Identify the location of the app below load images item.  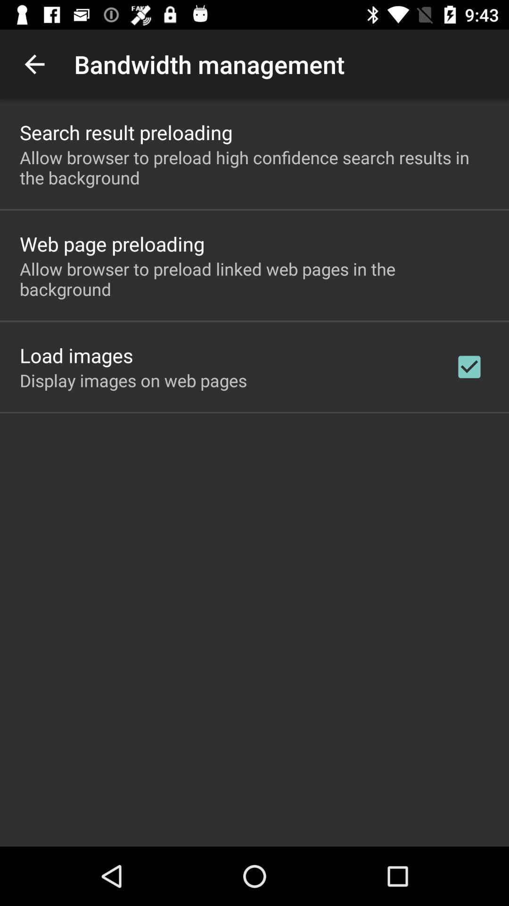
(133, 380).